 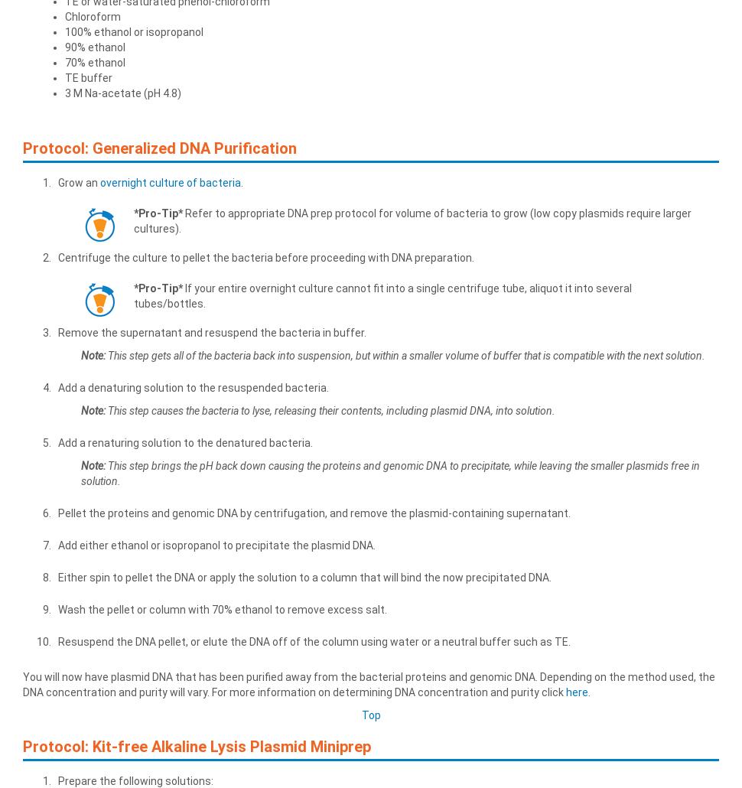 What do you see at coordinates (314, 640) in the screenshot?
I see `'Resuspend the DNA pellet, or elute the DNA off of the column using water or a neutral buffer such as TE.'` at bounding box center [314, 640].